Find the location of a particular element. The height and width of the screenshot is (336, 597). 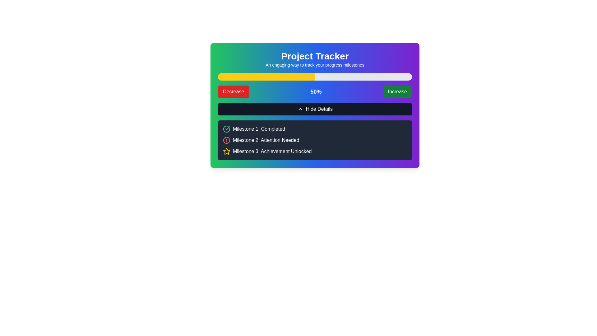

the static text subtitle or tagline located directly below the title 'Project Tracker' in the header of the card is located at coordinates (315, 65).